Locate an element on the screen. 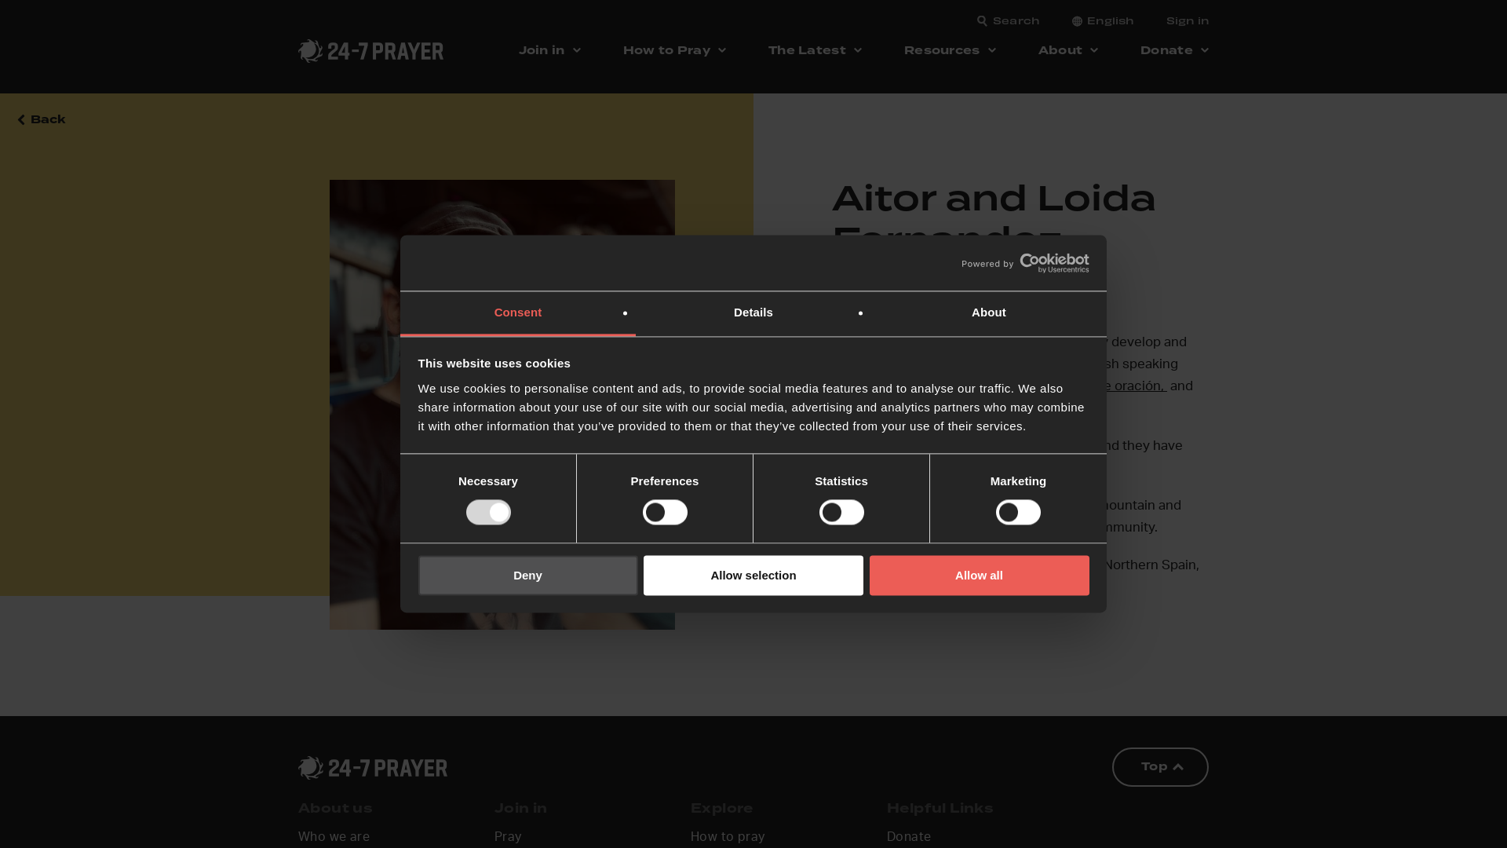 This screenshot has width=1507, height=848. 'How to pray' is located at coordinates (726, 838).